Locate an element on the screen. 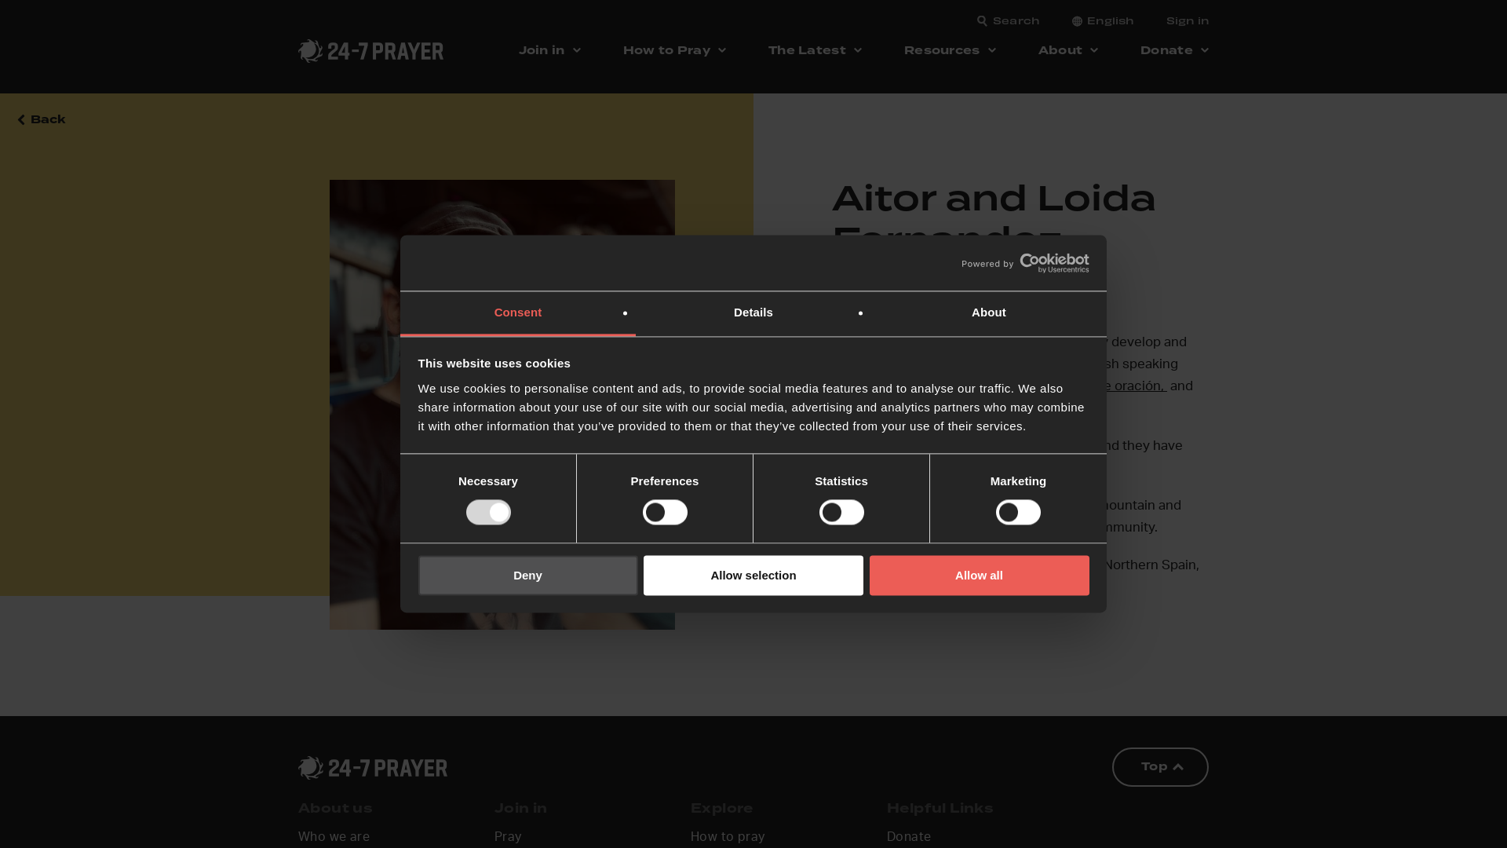 This screenshot has width=1507, height=848. 'How to pray' is located at coordinates (726, 838).